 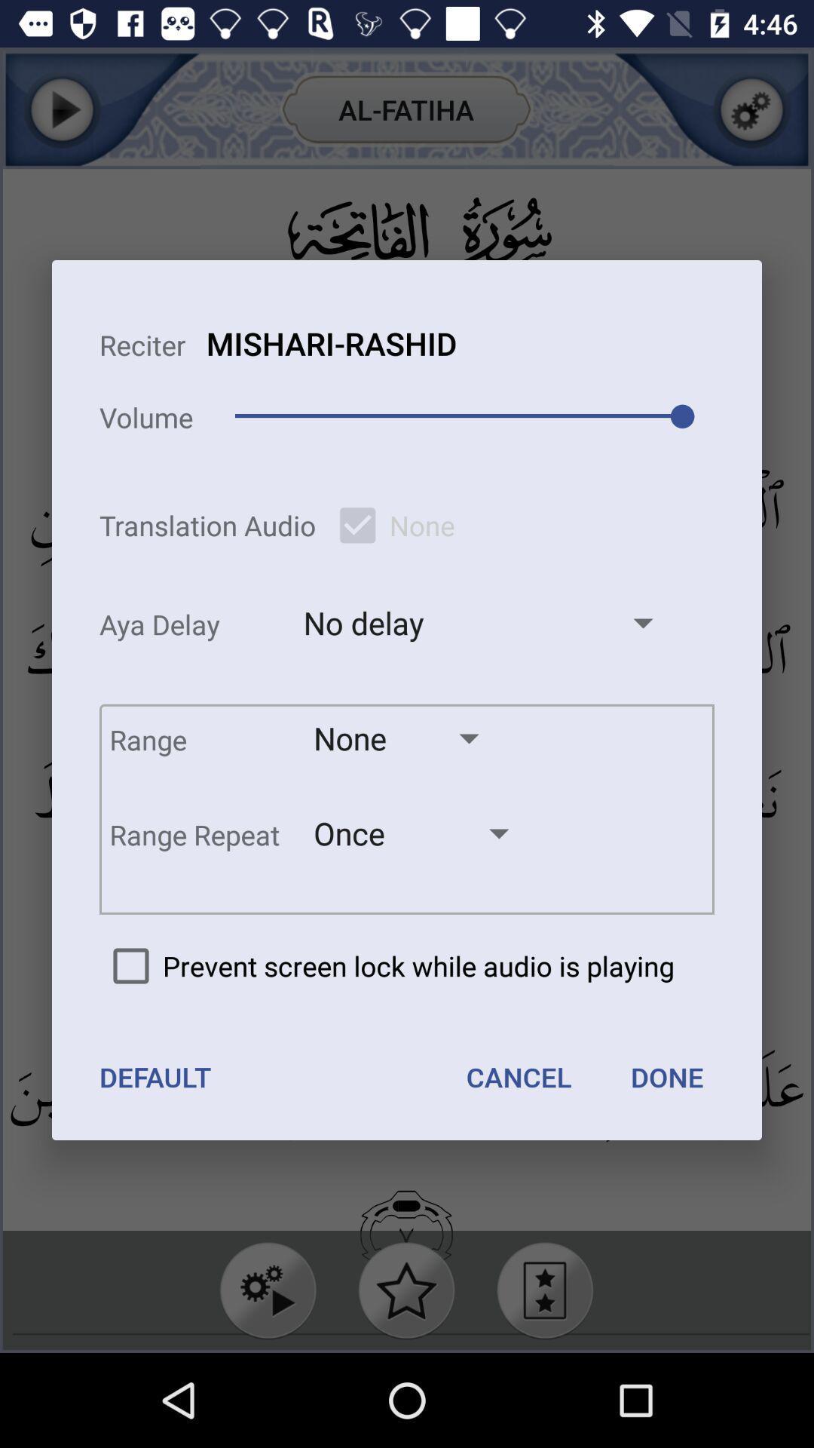 What do you see at coordinates (155, 1076) in the screenshot?
I see `icon next to the cancel icon` at bounding box center [155, 1076].